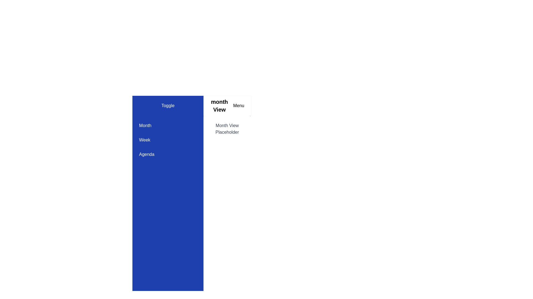 The image size is (533, 299). I want to click on the 'Agenda' button located at the bottom of the vertical list in the left side panel, so click(167, 154).